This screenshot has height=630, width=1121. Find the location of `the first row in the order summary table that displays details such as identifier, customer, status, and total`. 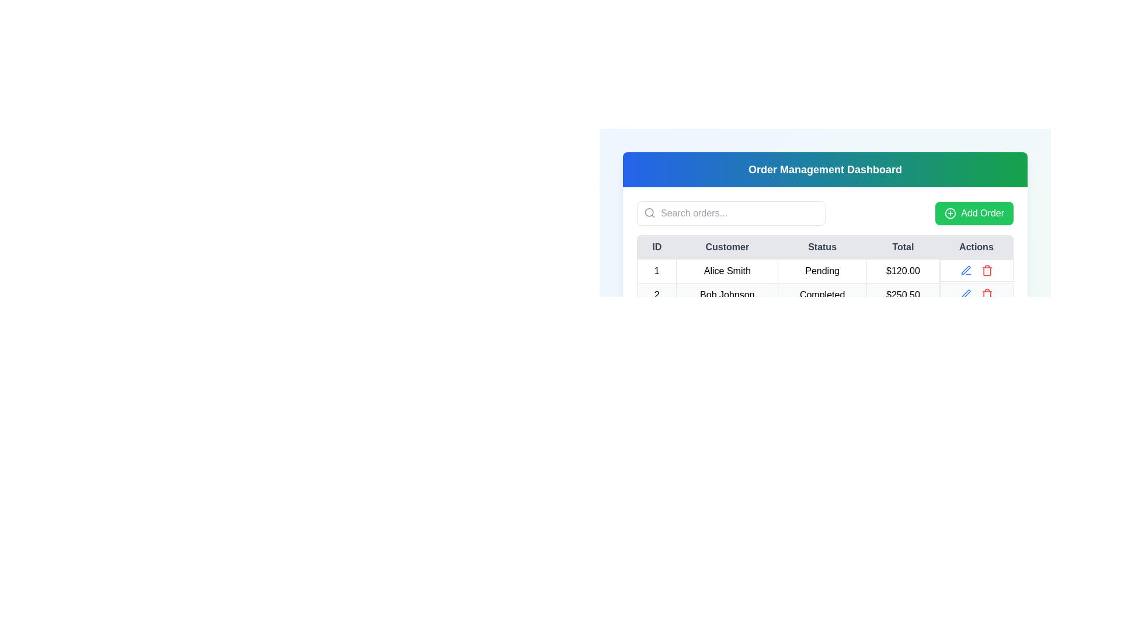

the first row in the order summary table that displays details such as identifier, customer, status, and total is located at coordinates (824, 271).